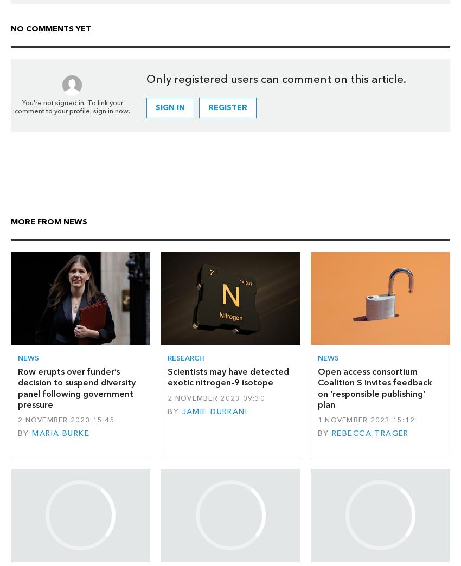 This screenshot has height=566, width=461. I want to click on '2 November 2023 15:45', so click(66, 420).